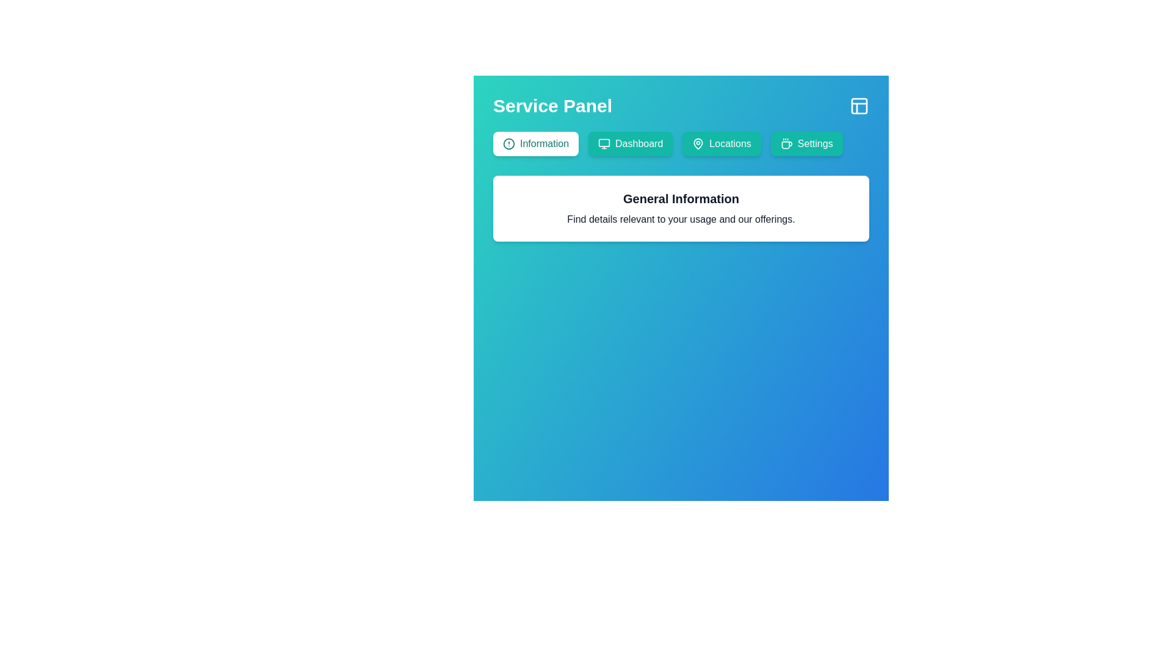  I want to click on the second button labeled 'Dashboard' in the top row of the main blue interface panel, so click(631, 143).